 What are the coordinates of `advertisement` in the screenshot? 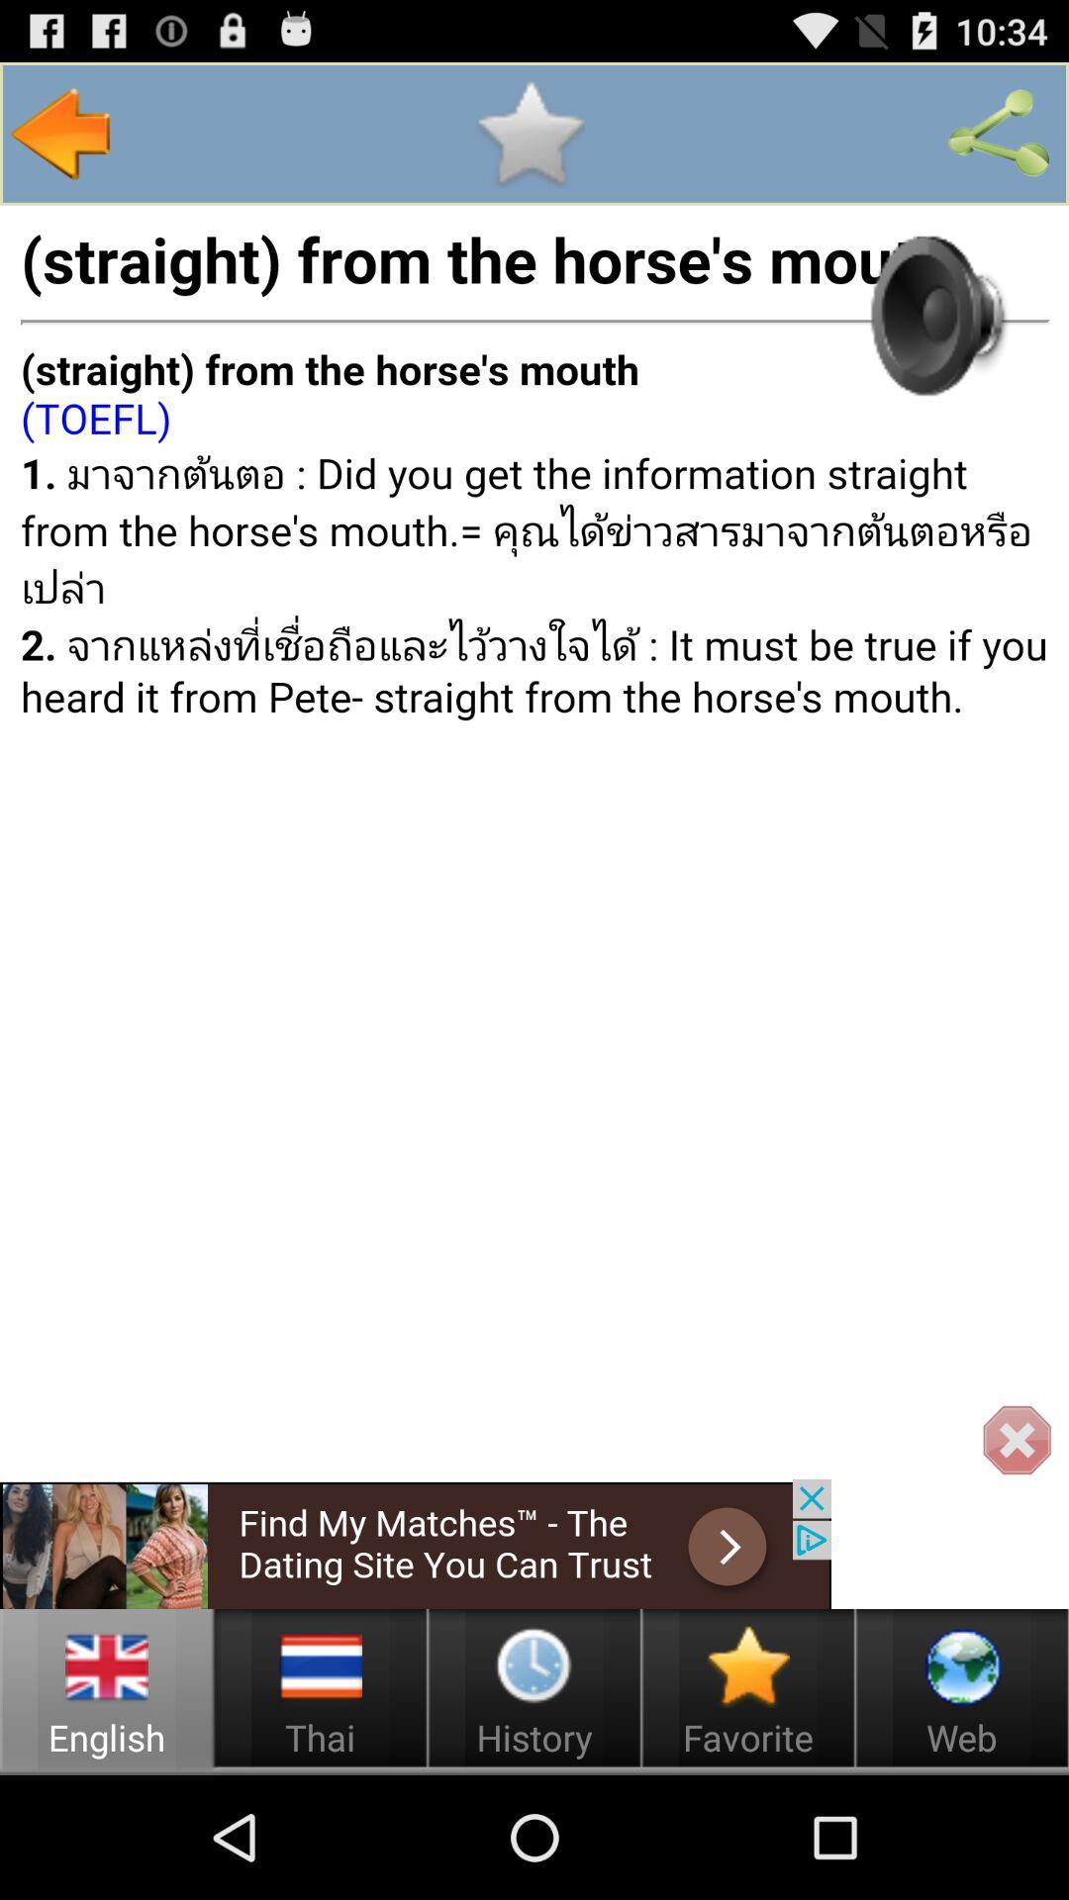 It's located at (415, 1543).